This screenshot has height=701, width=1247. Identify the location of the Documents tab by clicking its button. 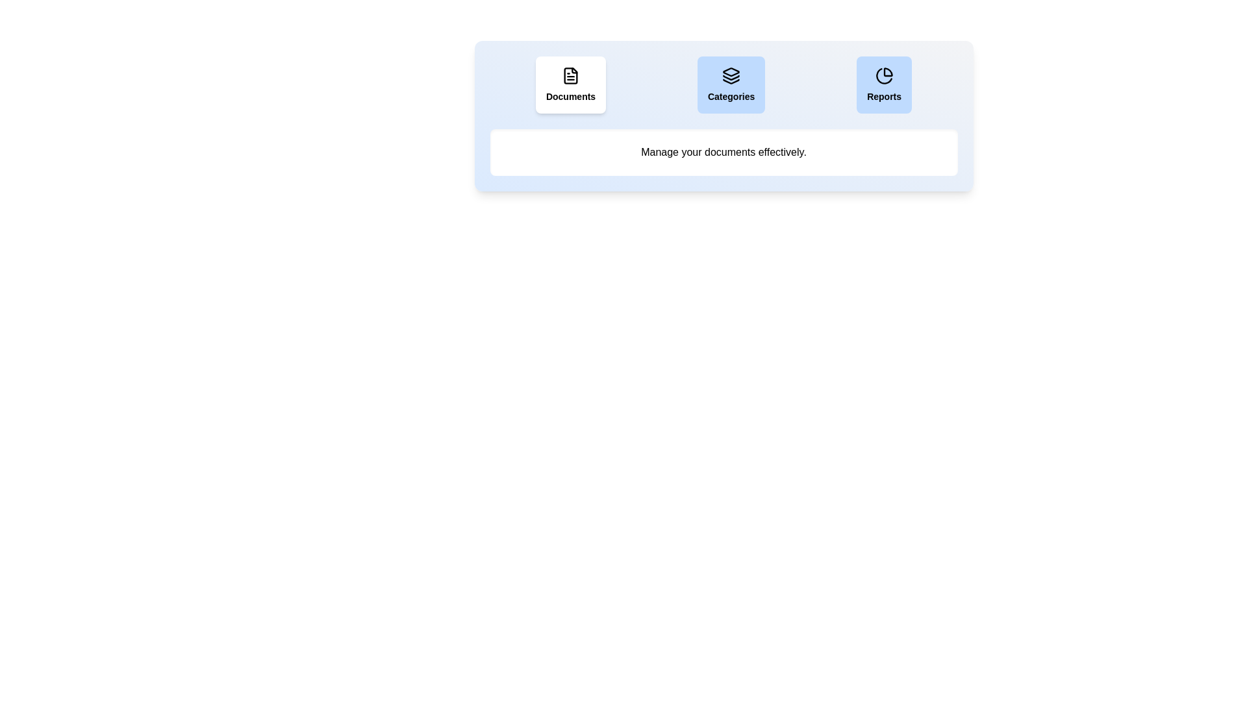
(570, 85).